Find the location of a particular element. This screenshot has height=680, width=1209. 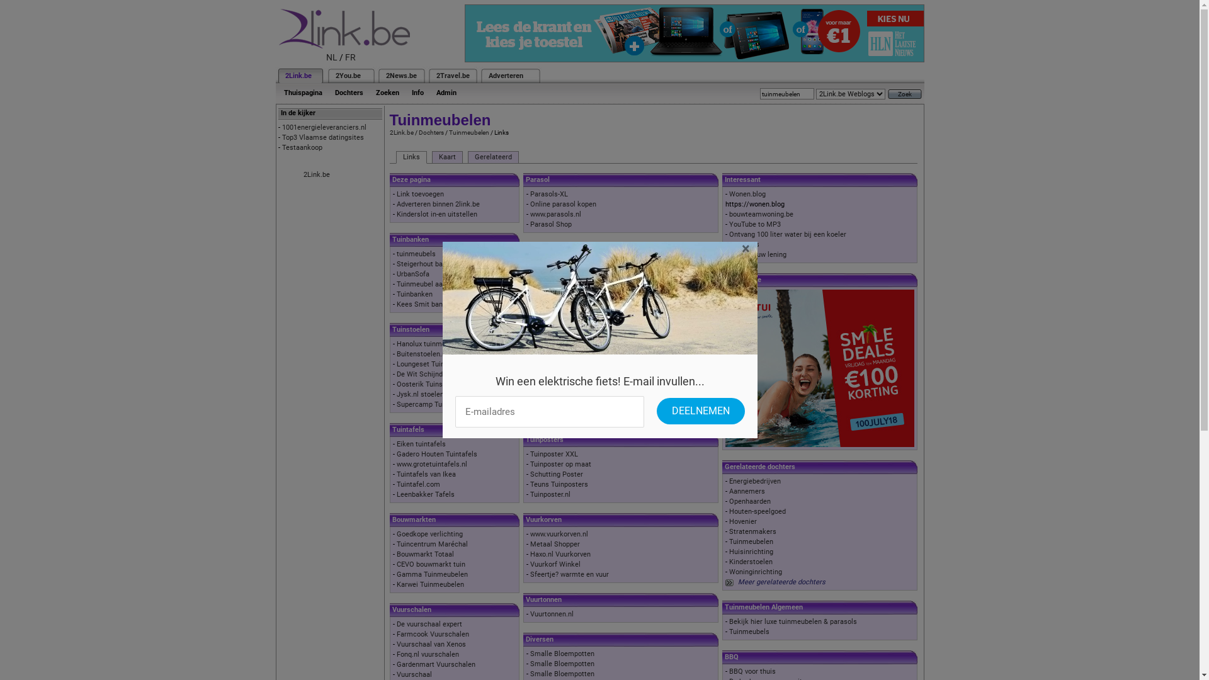

'Karwei Tuinmeubelen' is located at coordinates (430, 584).